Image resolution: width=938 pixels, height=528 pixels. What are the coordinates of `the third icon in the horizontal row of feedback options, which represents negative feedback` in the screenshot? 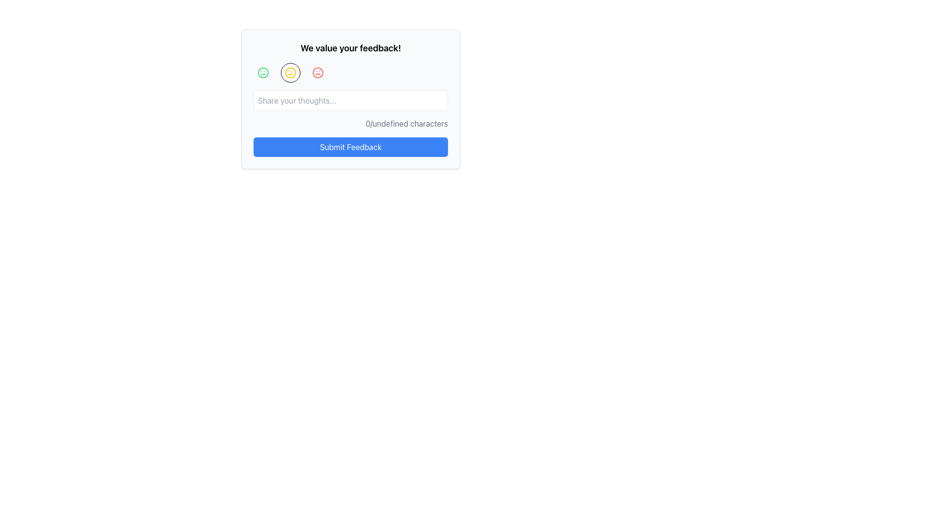 It's located at (318, 72).